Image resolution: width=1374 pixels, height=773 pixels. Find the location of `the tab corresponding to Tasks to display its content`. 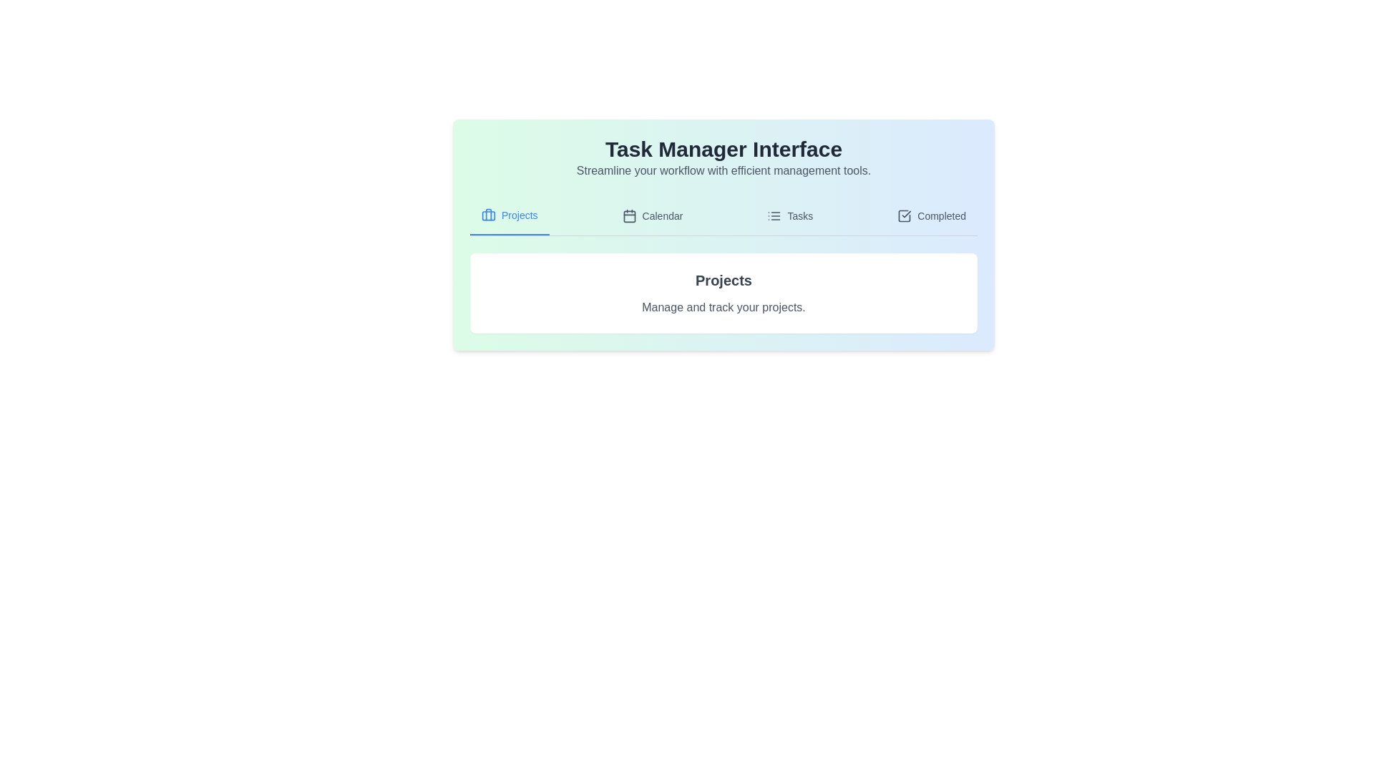

the tab corresponding to Tasks to display its content is located at coordinates (789, 215).